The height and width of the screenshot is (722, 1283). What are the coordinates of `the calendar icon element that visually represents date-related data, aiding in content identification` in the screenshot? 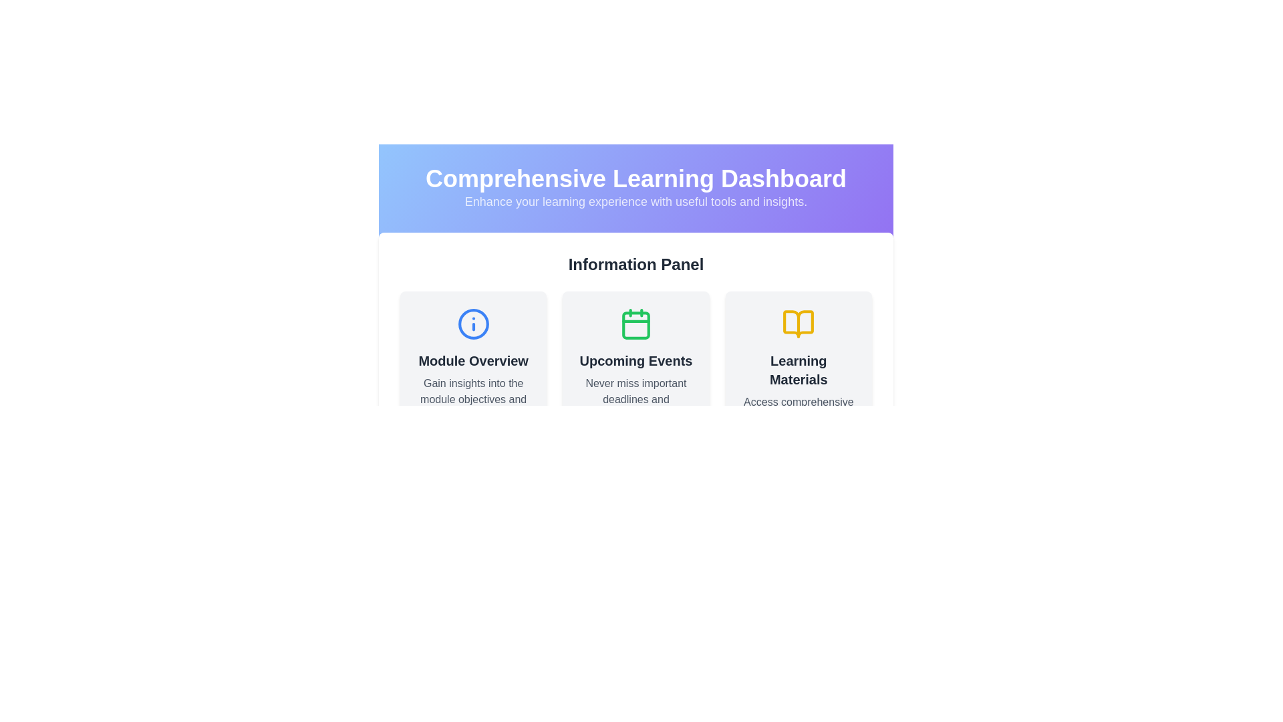 It's located at (635, 326).